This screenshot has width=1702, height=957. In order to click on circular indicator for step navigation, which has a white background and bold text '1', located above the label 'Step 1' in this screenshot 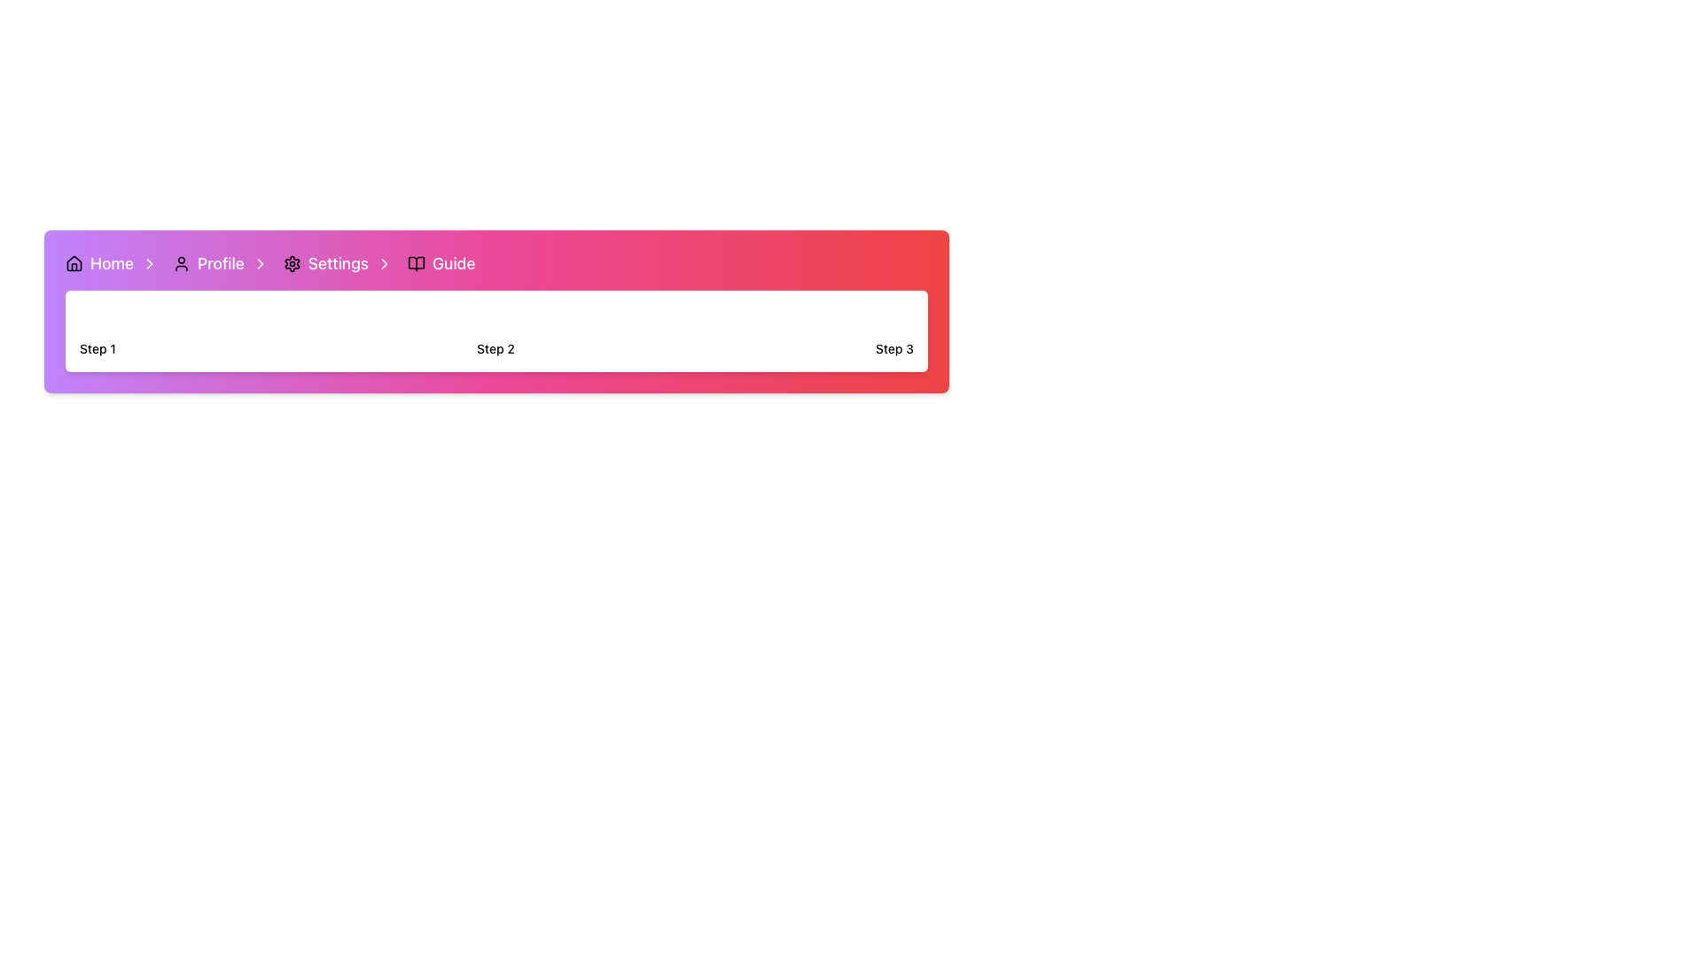, I will do `click(97, 317)`.